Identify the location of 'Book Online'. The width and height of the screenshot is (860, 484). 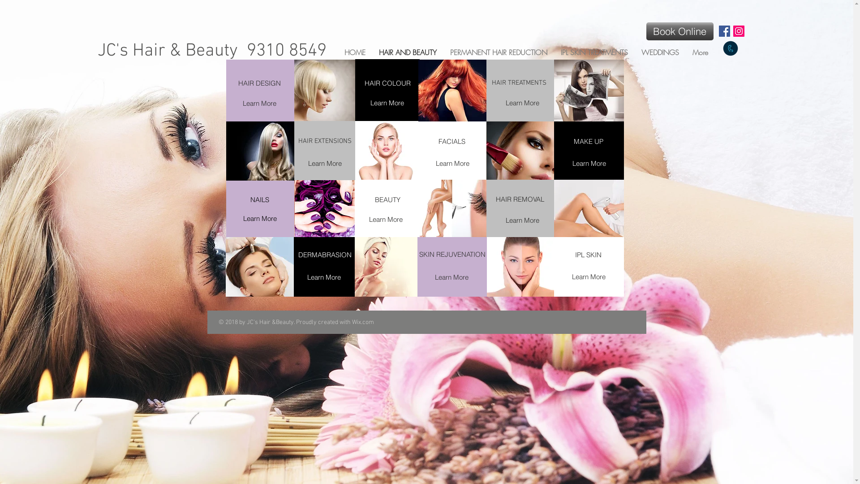
(679, 30).